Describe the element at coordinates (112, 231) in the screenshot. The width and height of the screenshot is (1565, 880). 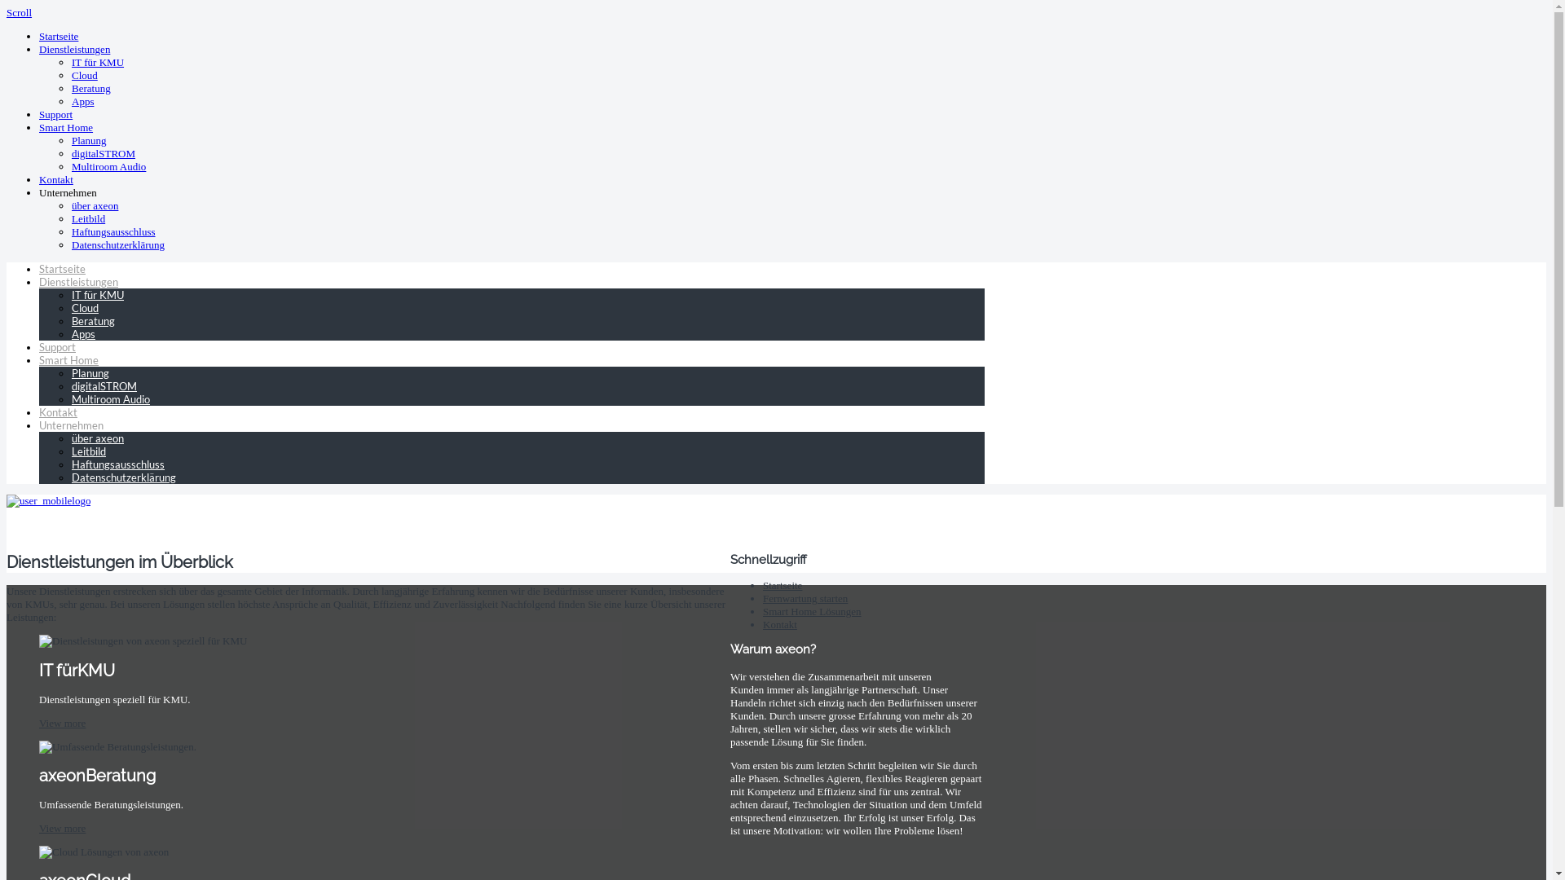
I see `'Haftungsausschluss'` at that location.